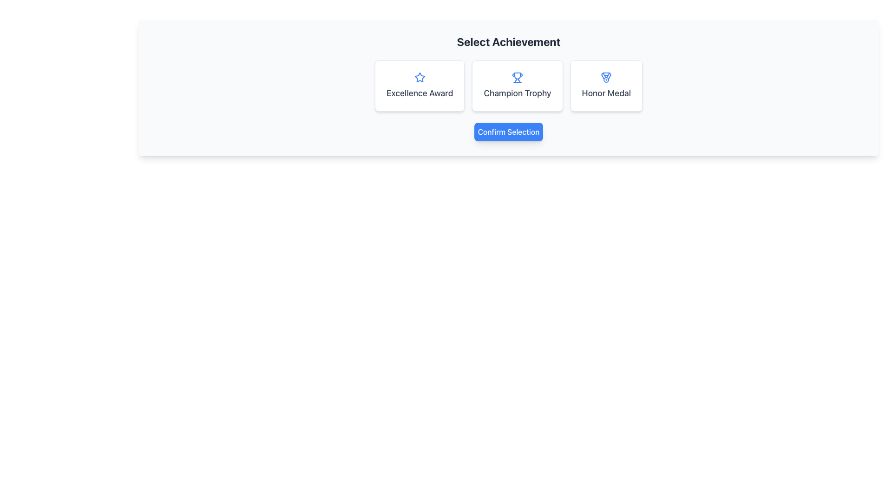 The height and width of the screenshot is (502, 892). What do you see at coordinates (419, 77) in the screenshot?
I see `the 'Excellence Award' icon located at the top section of the 'Excellence Award' card, which is the leftmost card in a row of three, above the text 'Excellence Award'` at bounding box center [419, 77].